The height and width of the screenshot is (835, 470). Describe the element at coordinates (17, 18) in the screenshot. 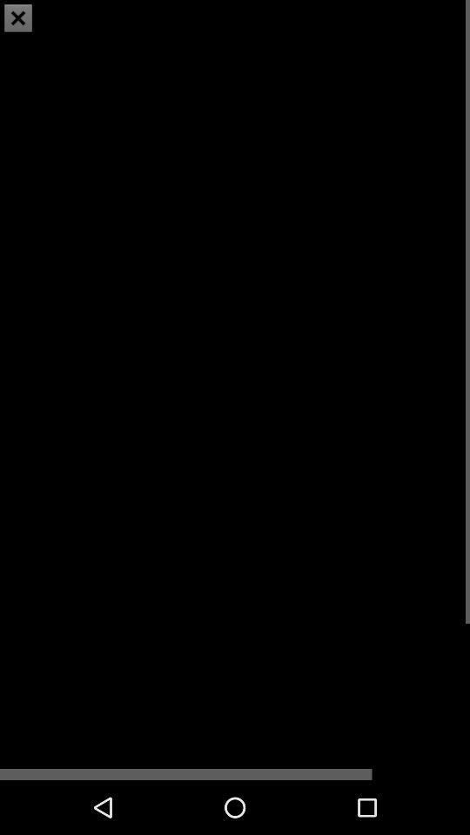

I see `the close icon` at that location.